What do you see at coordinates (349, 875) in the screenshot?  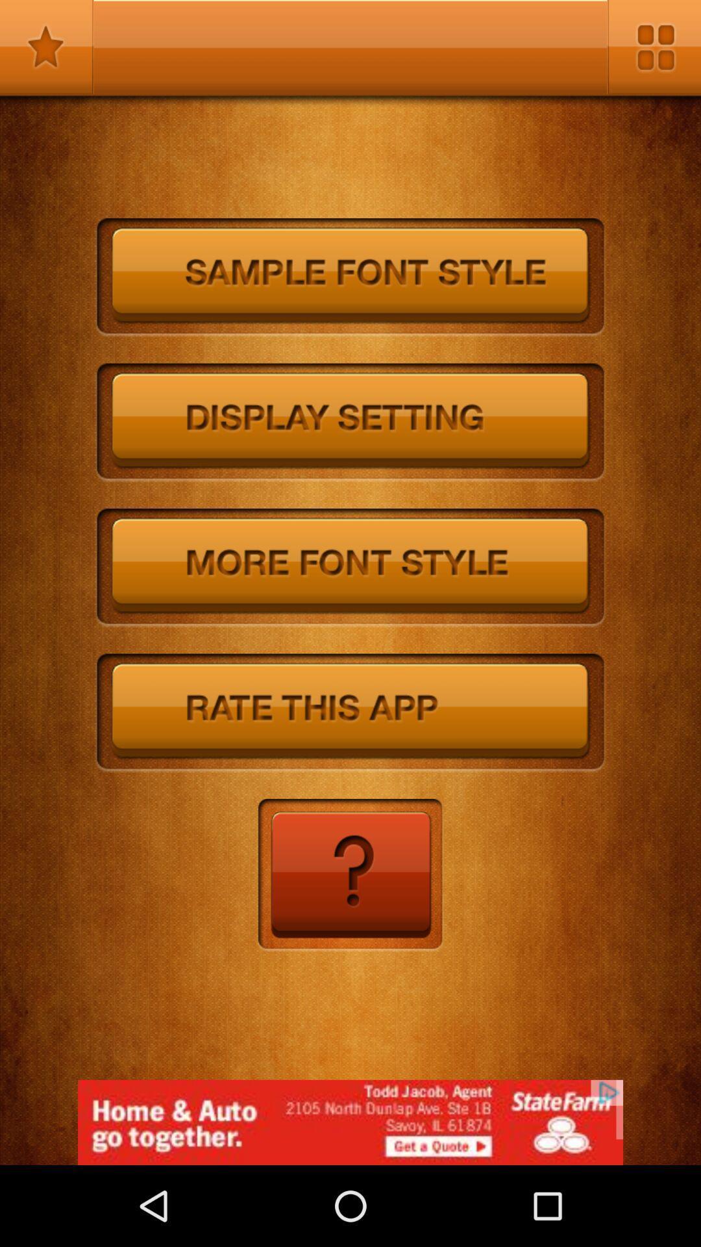 I see `go back` at bounding box center [349, 875].